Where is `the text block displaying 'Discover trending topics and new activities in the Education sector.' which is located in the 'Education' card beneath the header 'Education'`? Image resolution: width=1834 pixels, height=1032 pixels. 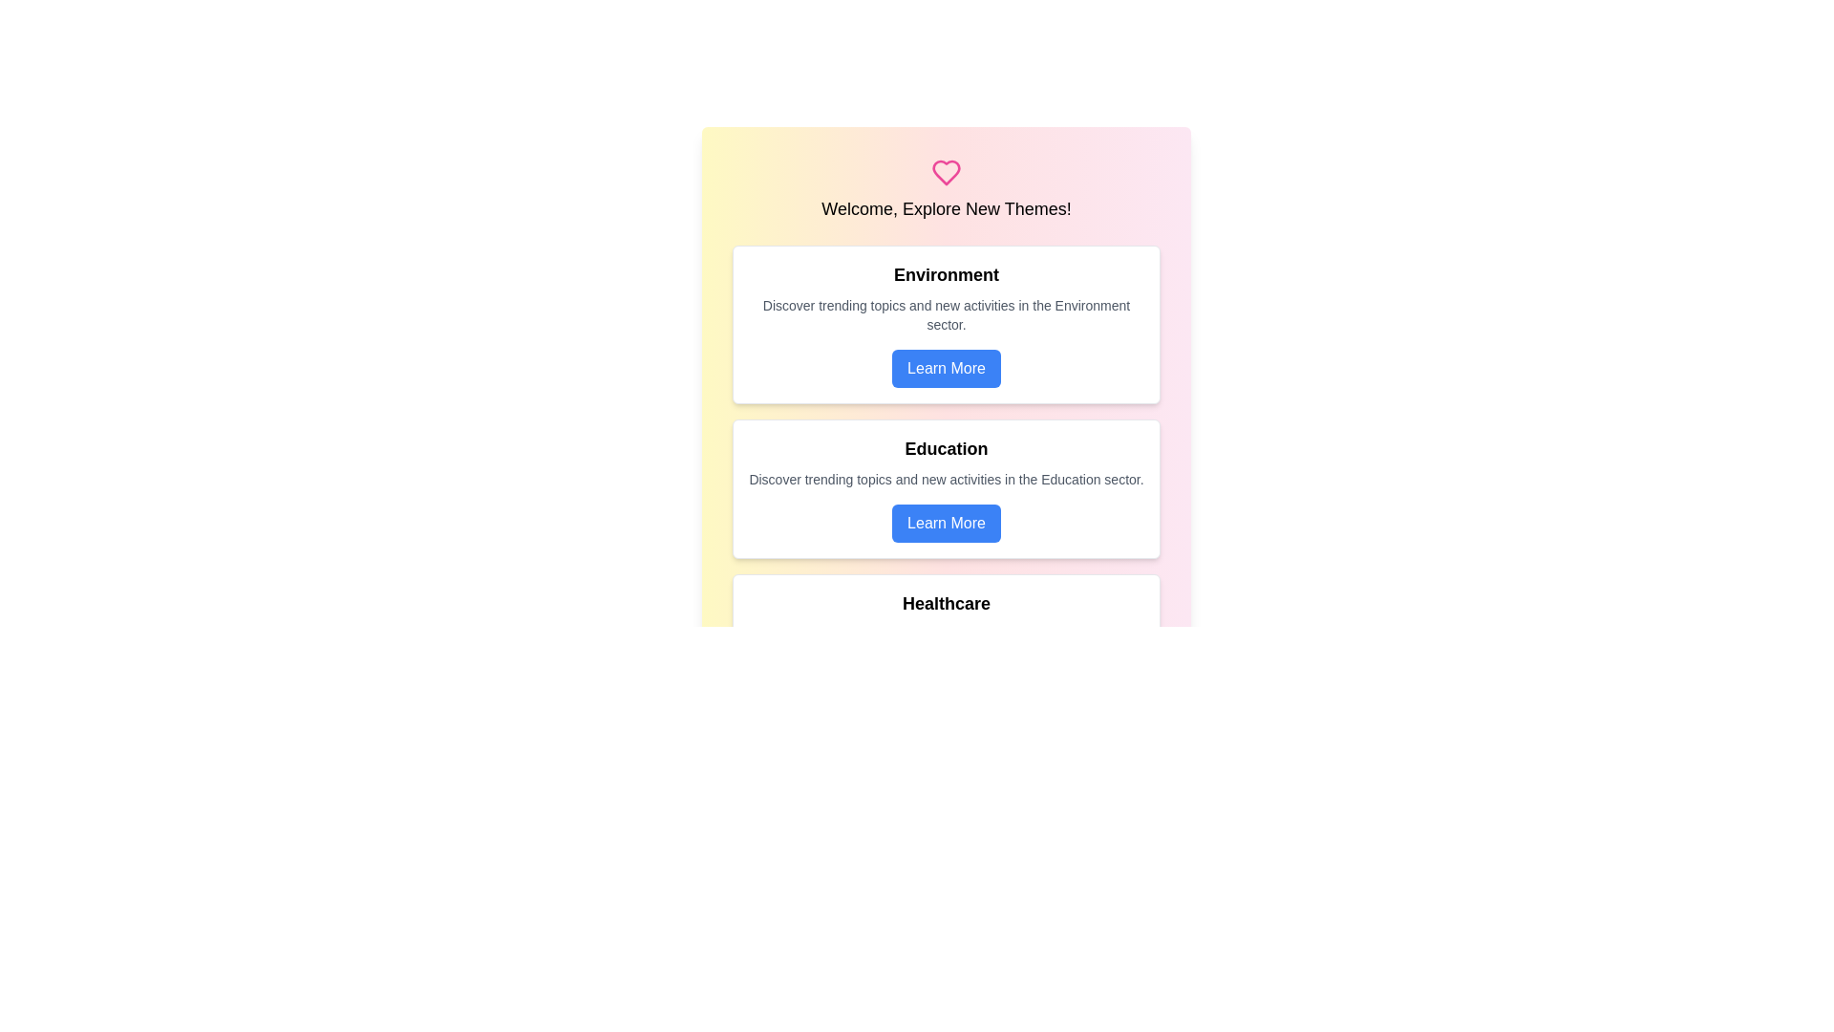
the text block displaying 'Discover trending topics and new activities in the Education sector.' which is located in the 'Education' card beneath the header 'Education' is located at coordinates (946, 478).